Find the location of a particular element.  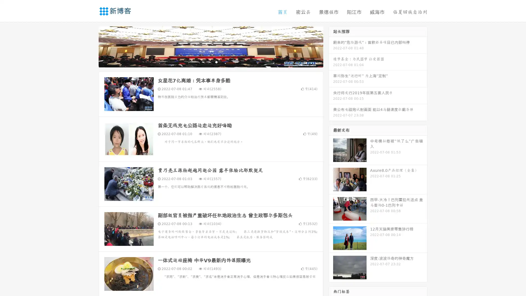

Next slide is located at coordinates (331, 46).